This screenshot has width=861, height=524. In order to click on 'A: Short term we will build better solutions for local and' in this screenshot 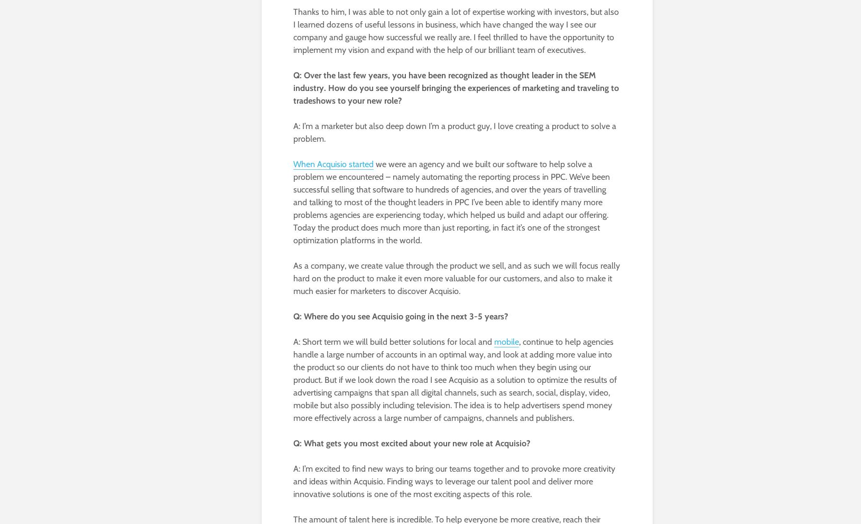, I will do `click(392, 341)`.